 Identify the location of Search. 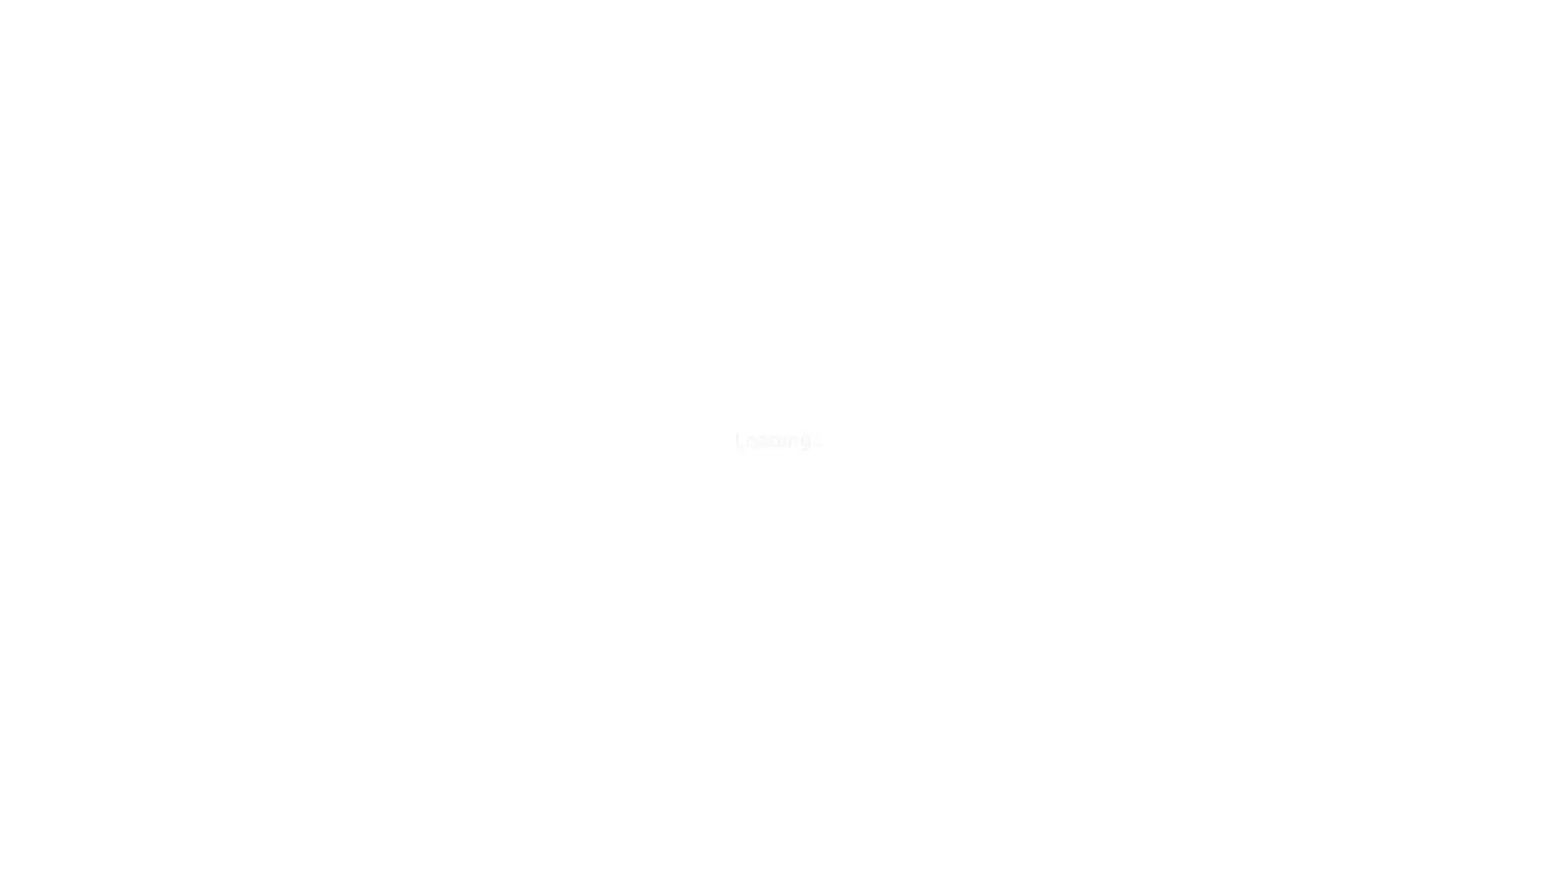
(415, 45).